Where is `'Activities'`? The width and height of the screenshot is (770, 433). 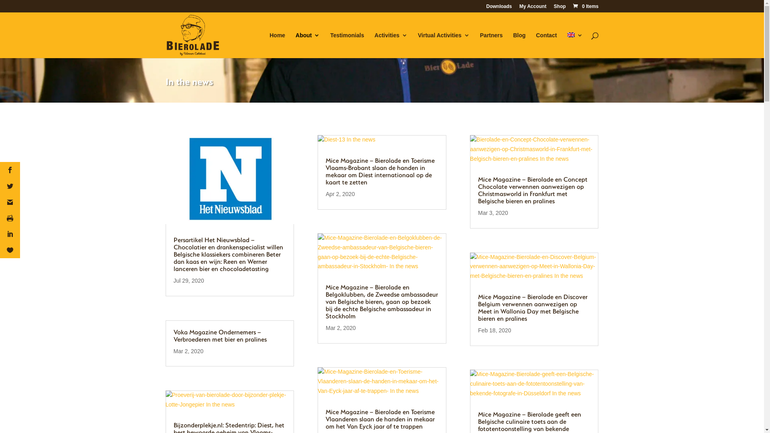
'Activities' is located at coordinates (391, 45).